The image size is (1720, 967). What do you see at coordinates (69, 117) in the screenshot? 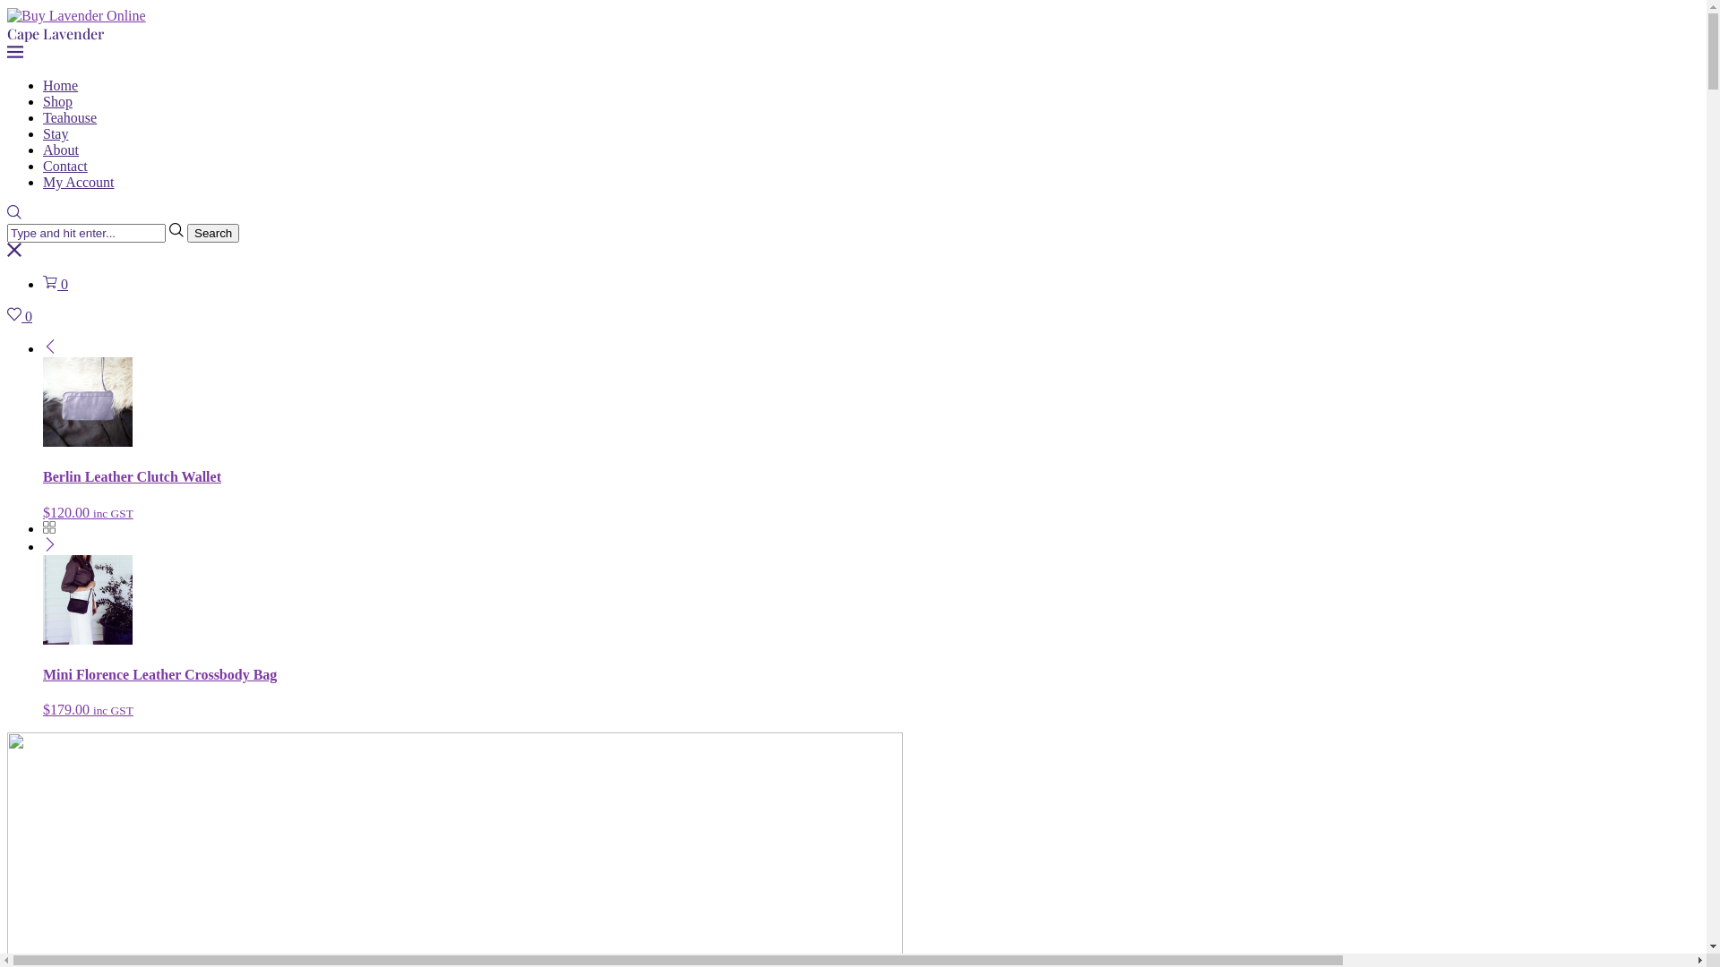
I see `'Teahouse'` at bounding box center [69, 117].